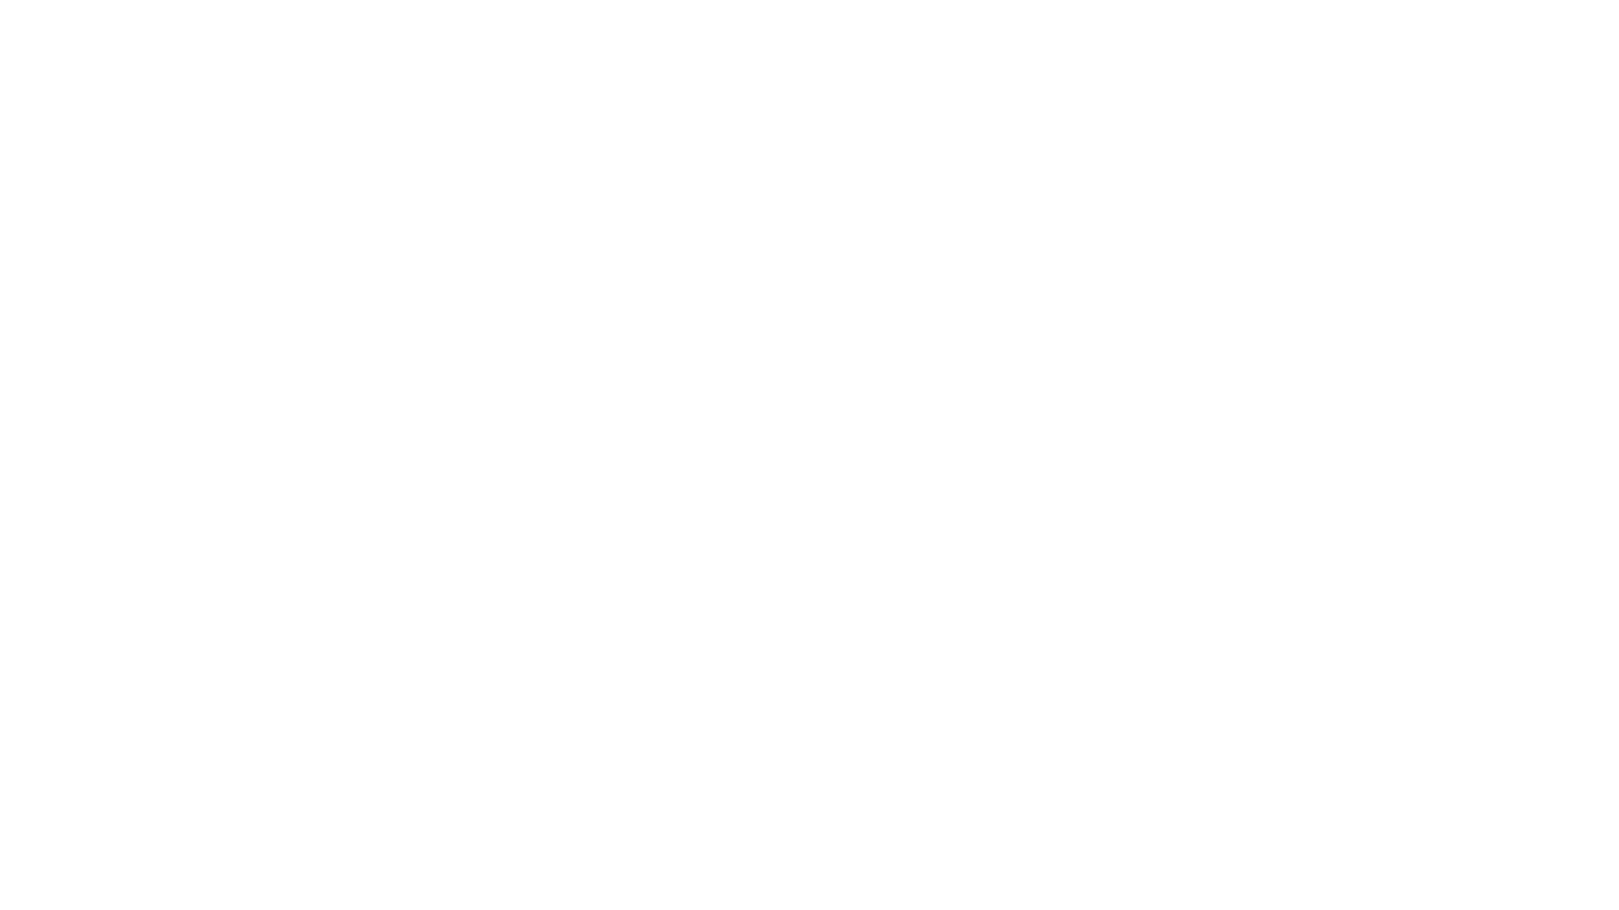 This screenshot has height=910, width=1619. I want to click on Continuer sans accepter, so click(788, 216).